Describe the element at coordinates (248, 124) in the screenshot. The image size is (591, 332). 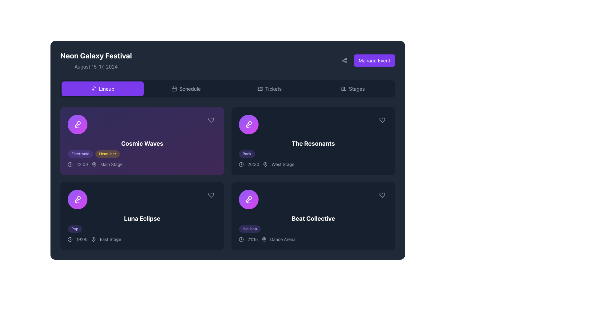
I see `the microphone icon, which is styled with white outline strokes and located within a circular purple gradient button on the left side of the 'Cosmic Waves' card` at that location.